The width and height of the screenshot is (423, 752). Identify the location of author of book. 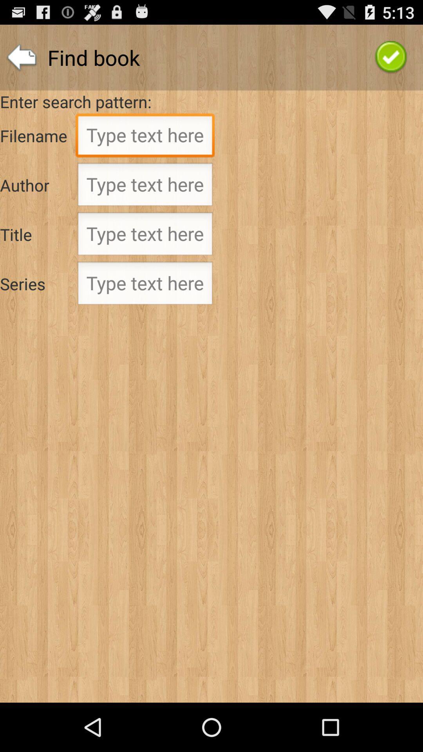
(145, 186).